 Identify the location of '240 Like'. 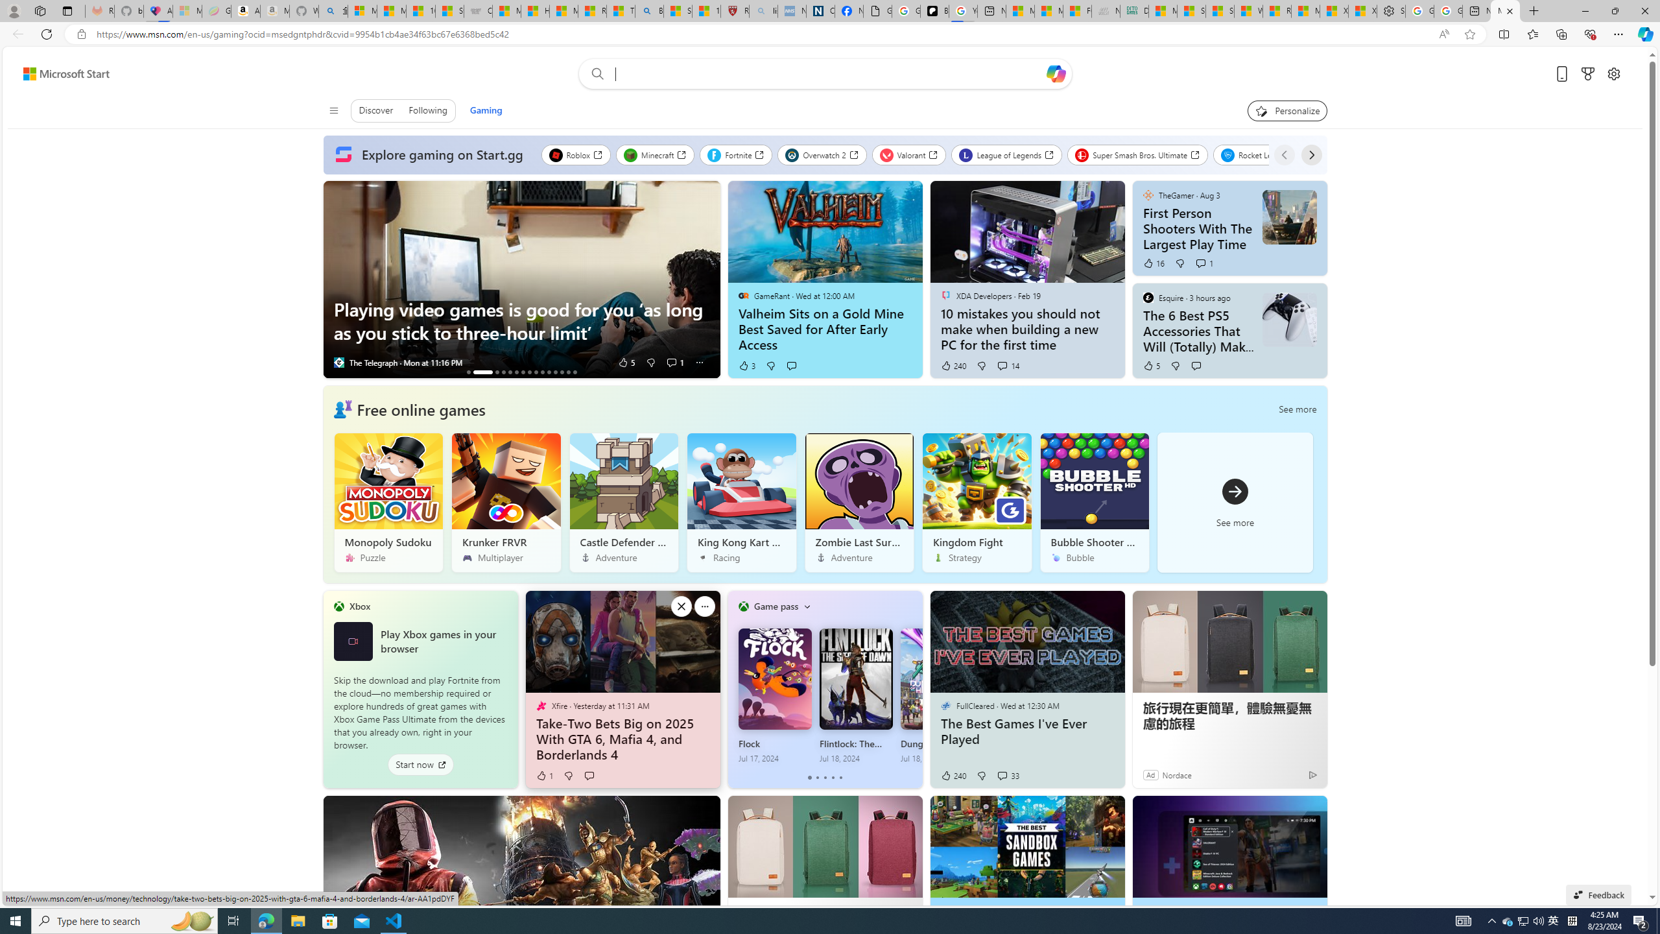
(952, 774).